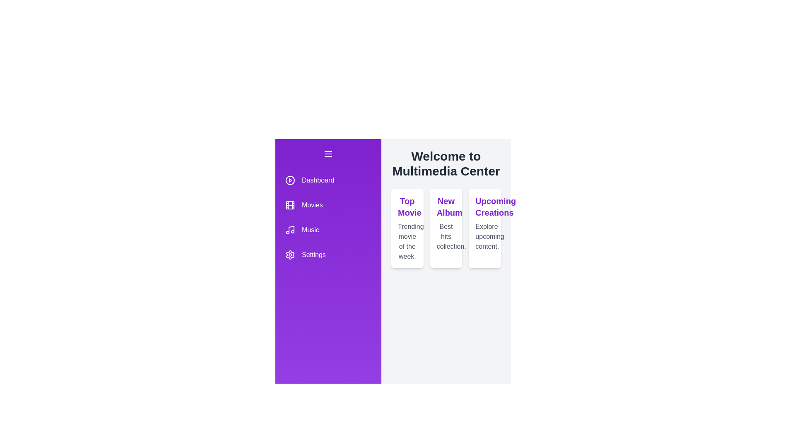 The height and width of the screenshot is (447, 795). What do you see at coordinates (328, 255) in the screenshot?
I see `the menu item Settings to observe the hover effect` at bounding box center [328, 255].